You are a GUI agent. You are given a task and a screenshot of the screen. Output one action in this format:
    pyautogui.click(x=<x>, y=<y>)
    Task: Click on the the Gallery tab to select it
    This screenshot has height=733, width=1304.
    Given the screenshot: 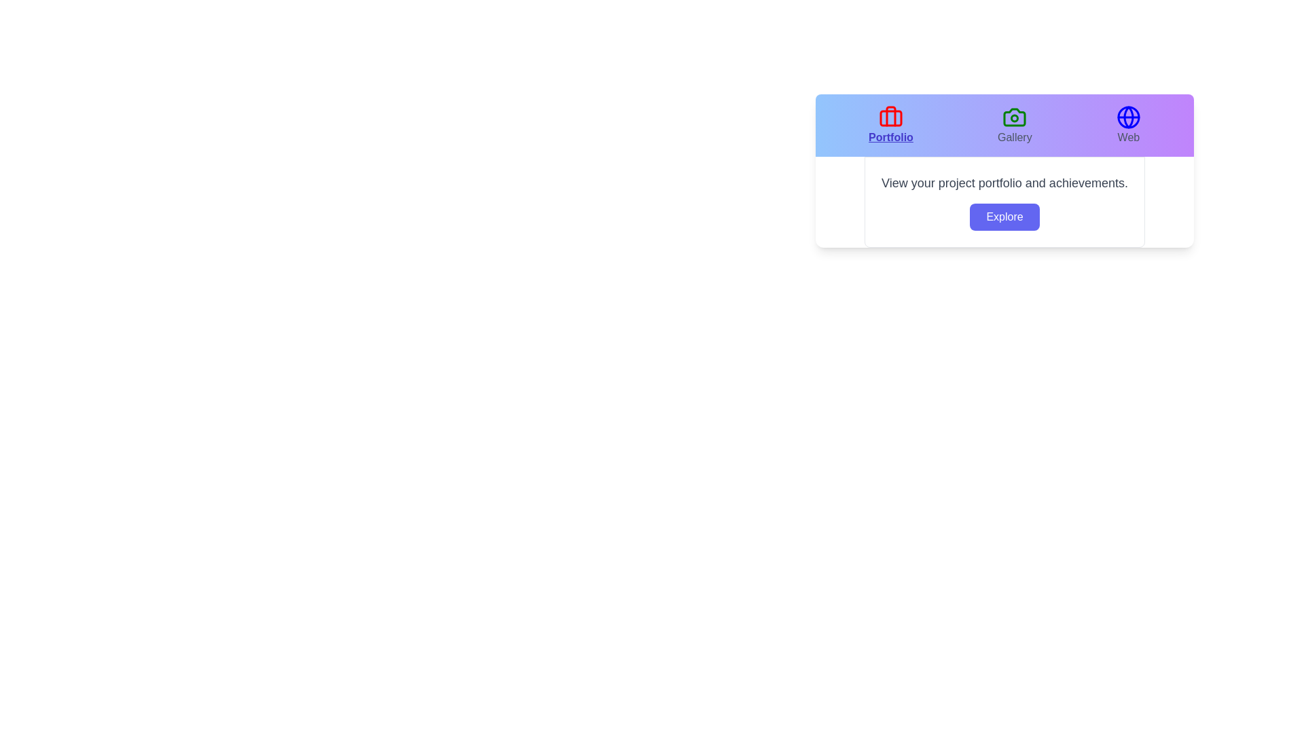 What is the action you would take?
    pyautogui.click(x=1015, y=126)
    